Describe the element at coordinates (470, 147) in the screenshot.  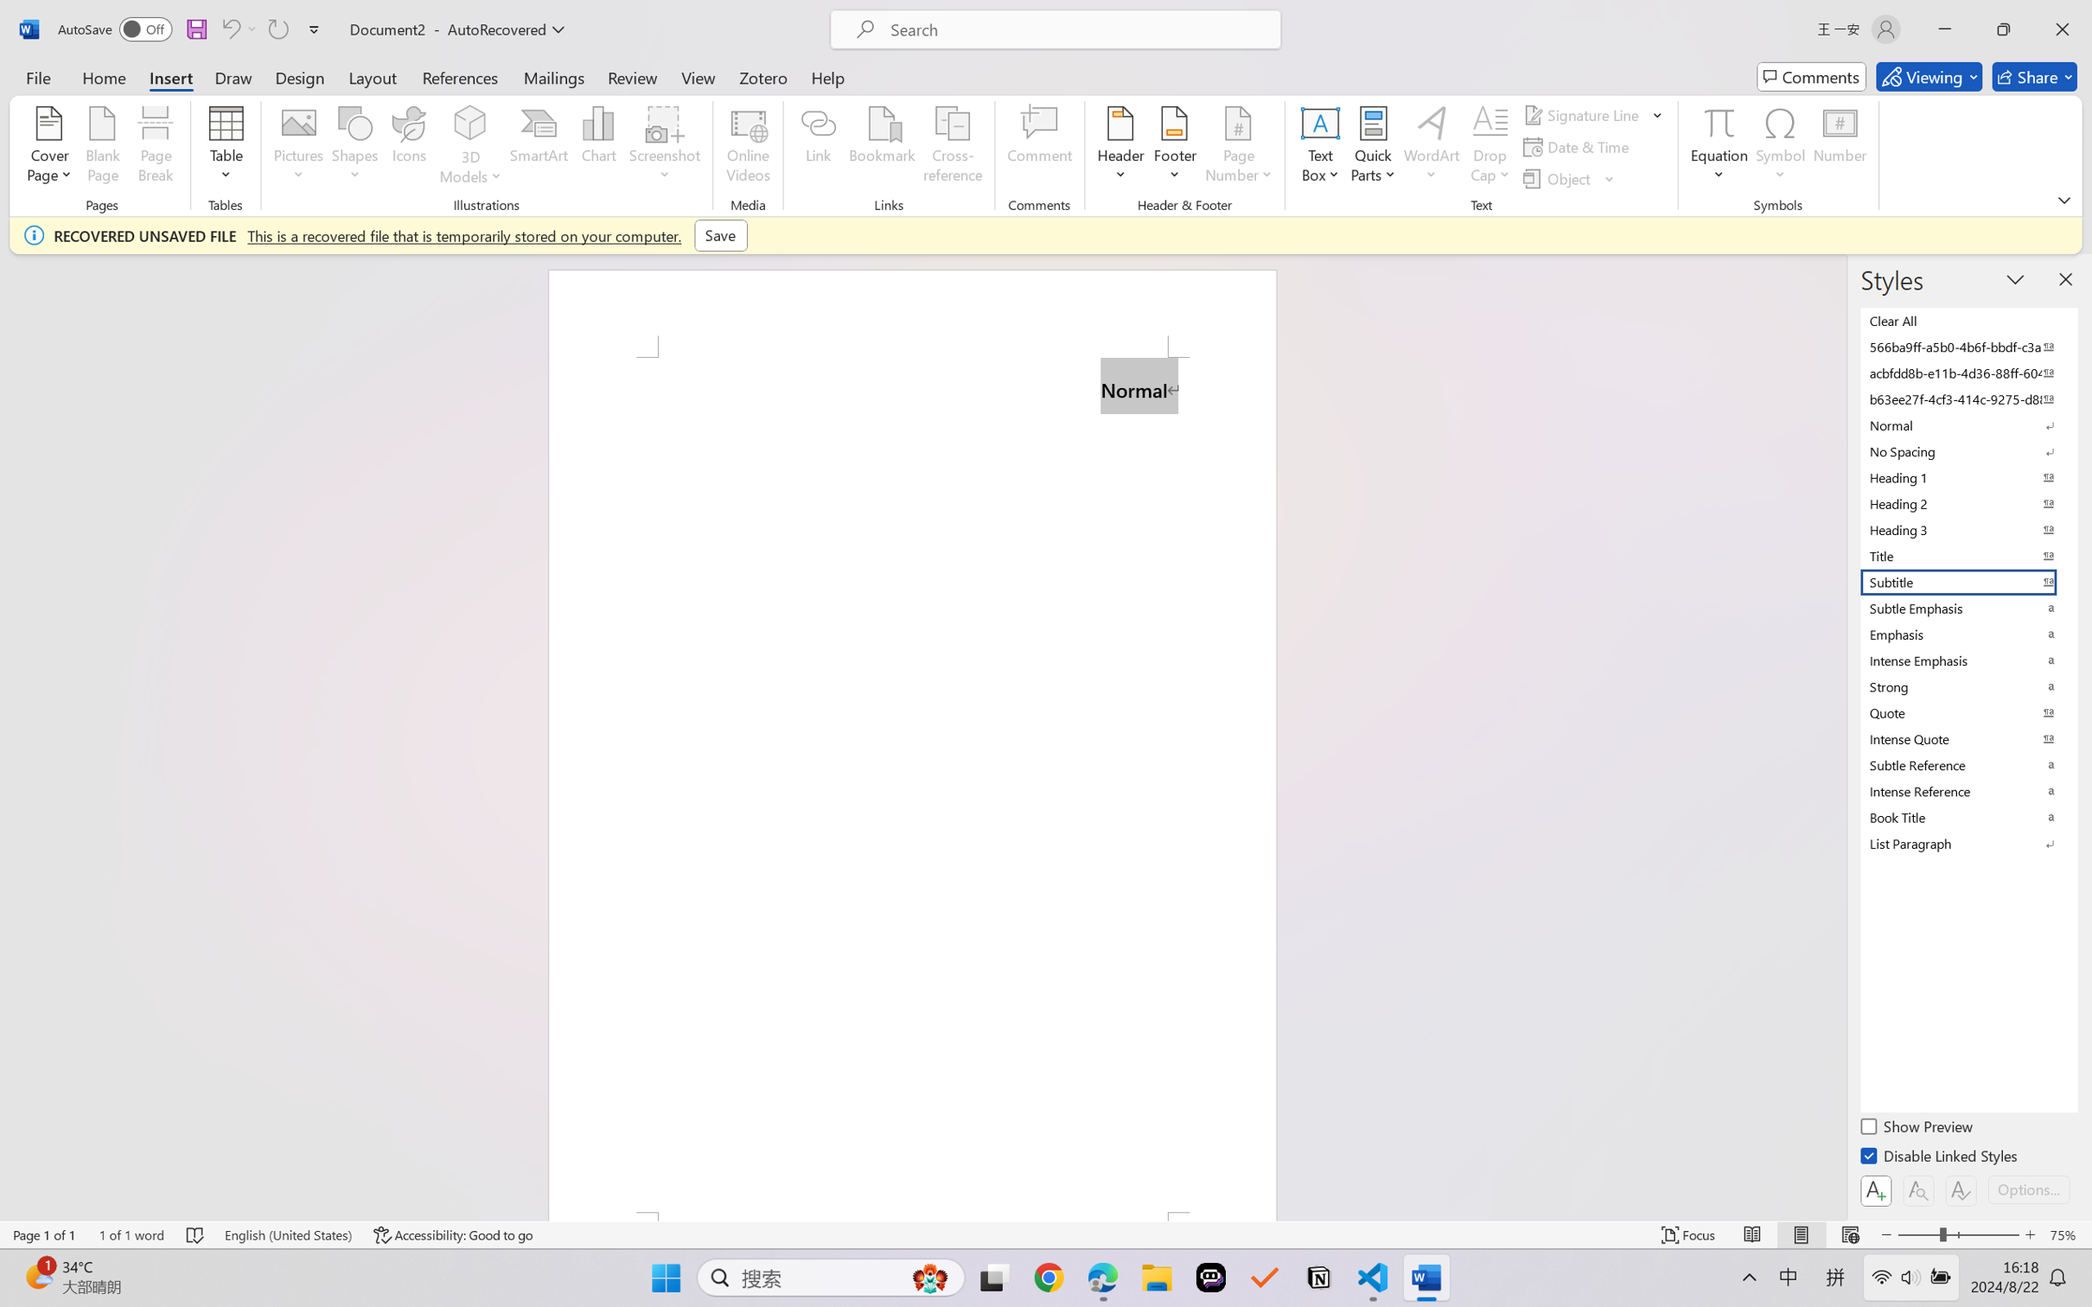
I see `'3D Models'` at that location.